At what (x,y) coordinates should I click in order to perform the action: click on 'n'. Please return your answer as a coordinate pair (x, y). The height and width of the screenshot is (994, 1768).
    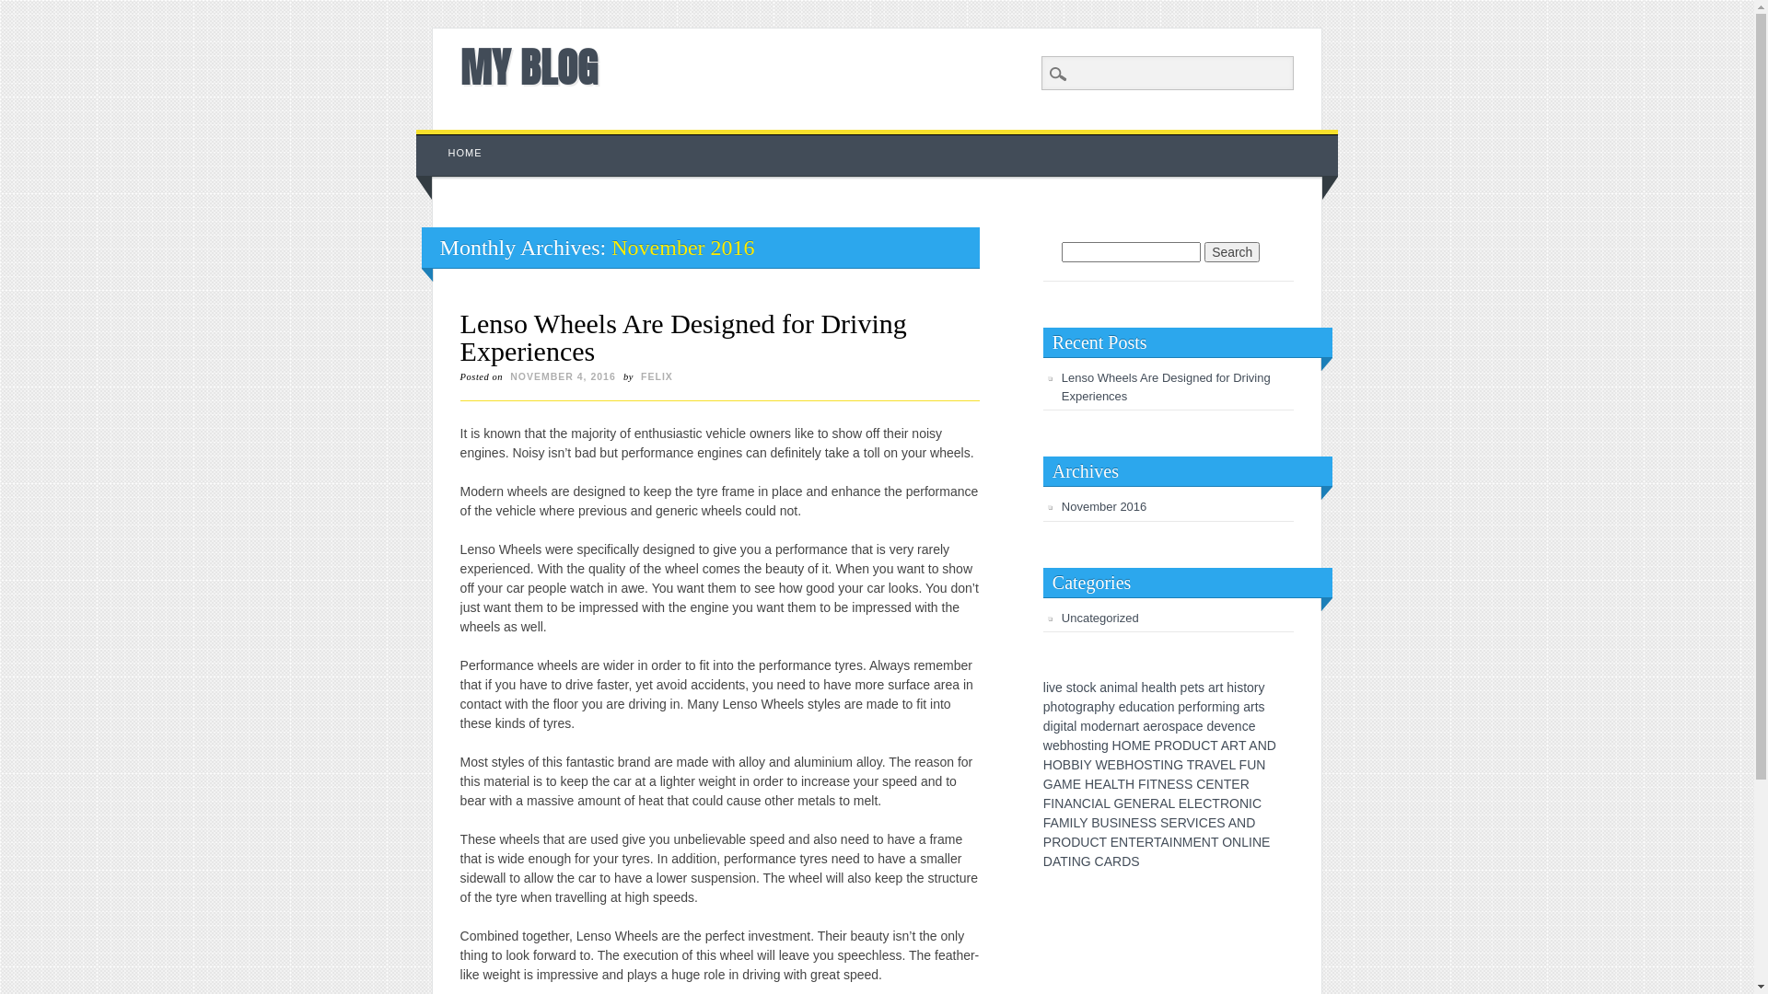
    Looking at the image, I should click on (1120, 725).